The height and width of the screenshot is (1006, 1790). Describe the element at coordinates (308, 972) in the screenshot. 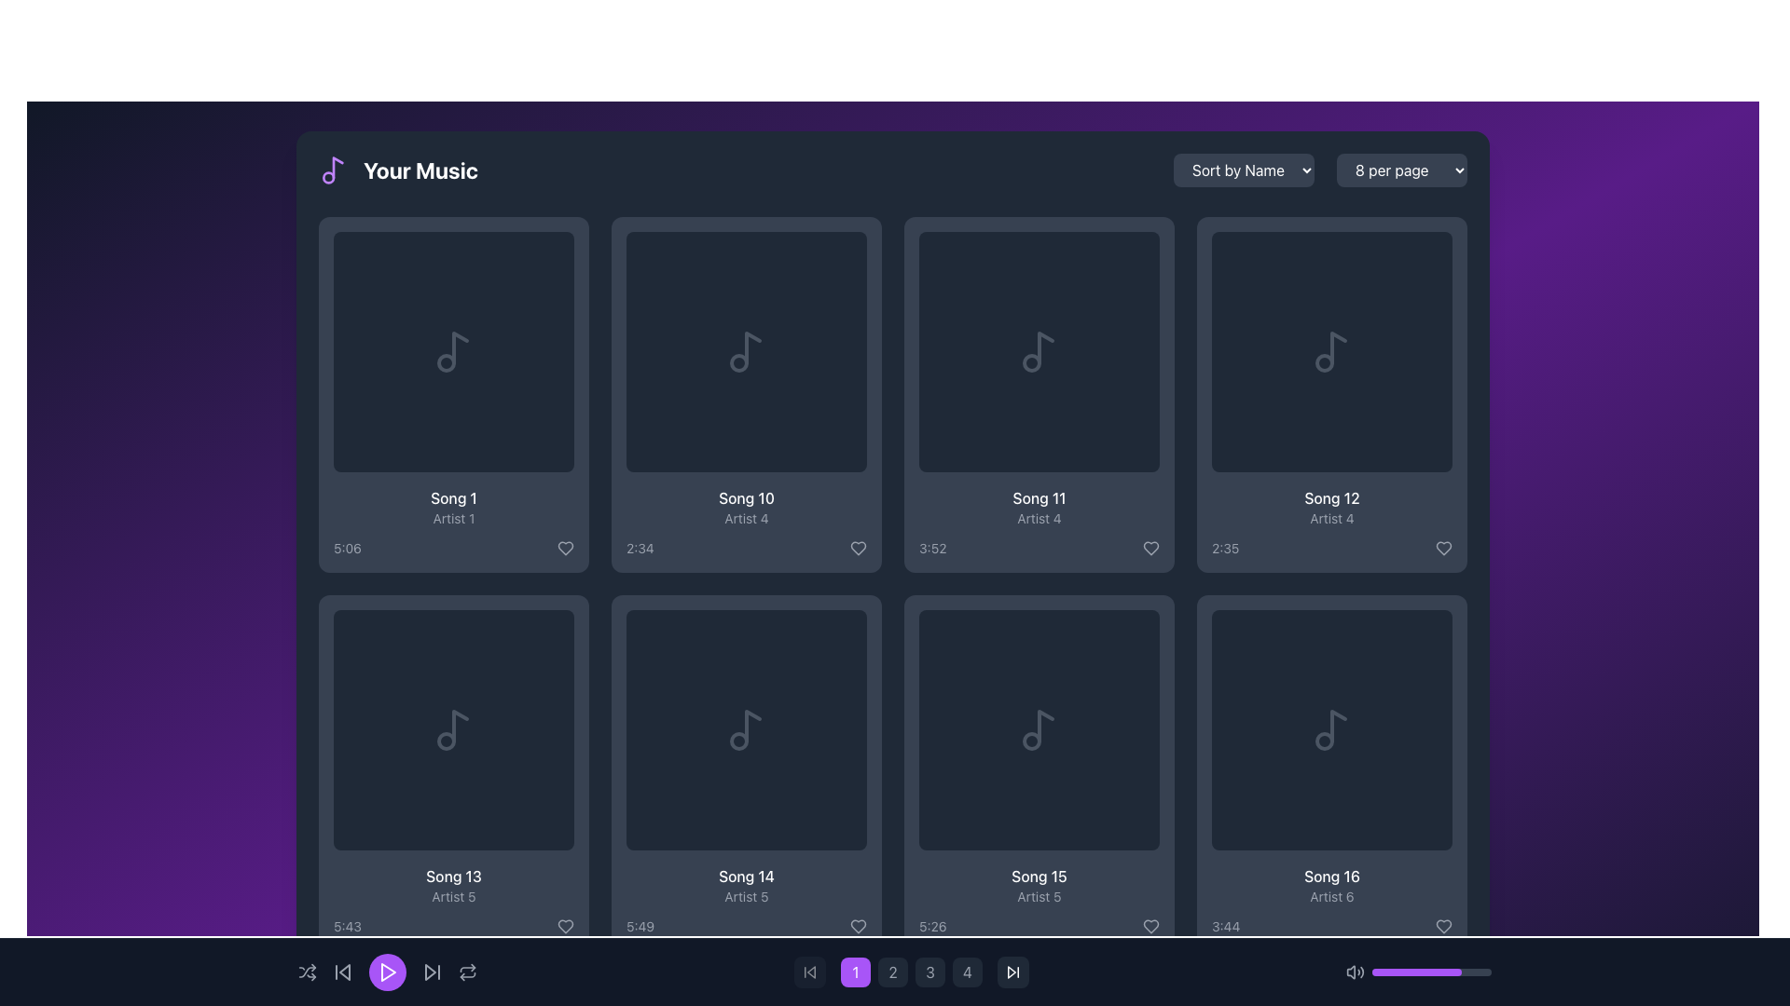

I see `the shuffle control button, which is styled with a gray color that transitions to white when hovered over, located in the bottom-left corner of the playback control bar` at that location.